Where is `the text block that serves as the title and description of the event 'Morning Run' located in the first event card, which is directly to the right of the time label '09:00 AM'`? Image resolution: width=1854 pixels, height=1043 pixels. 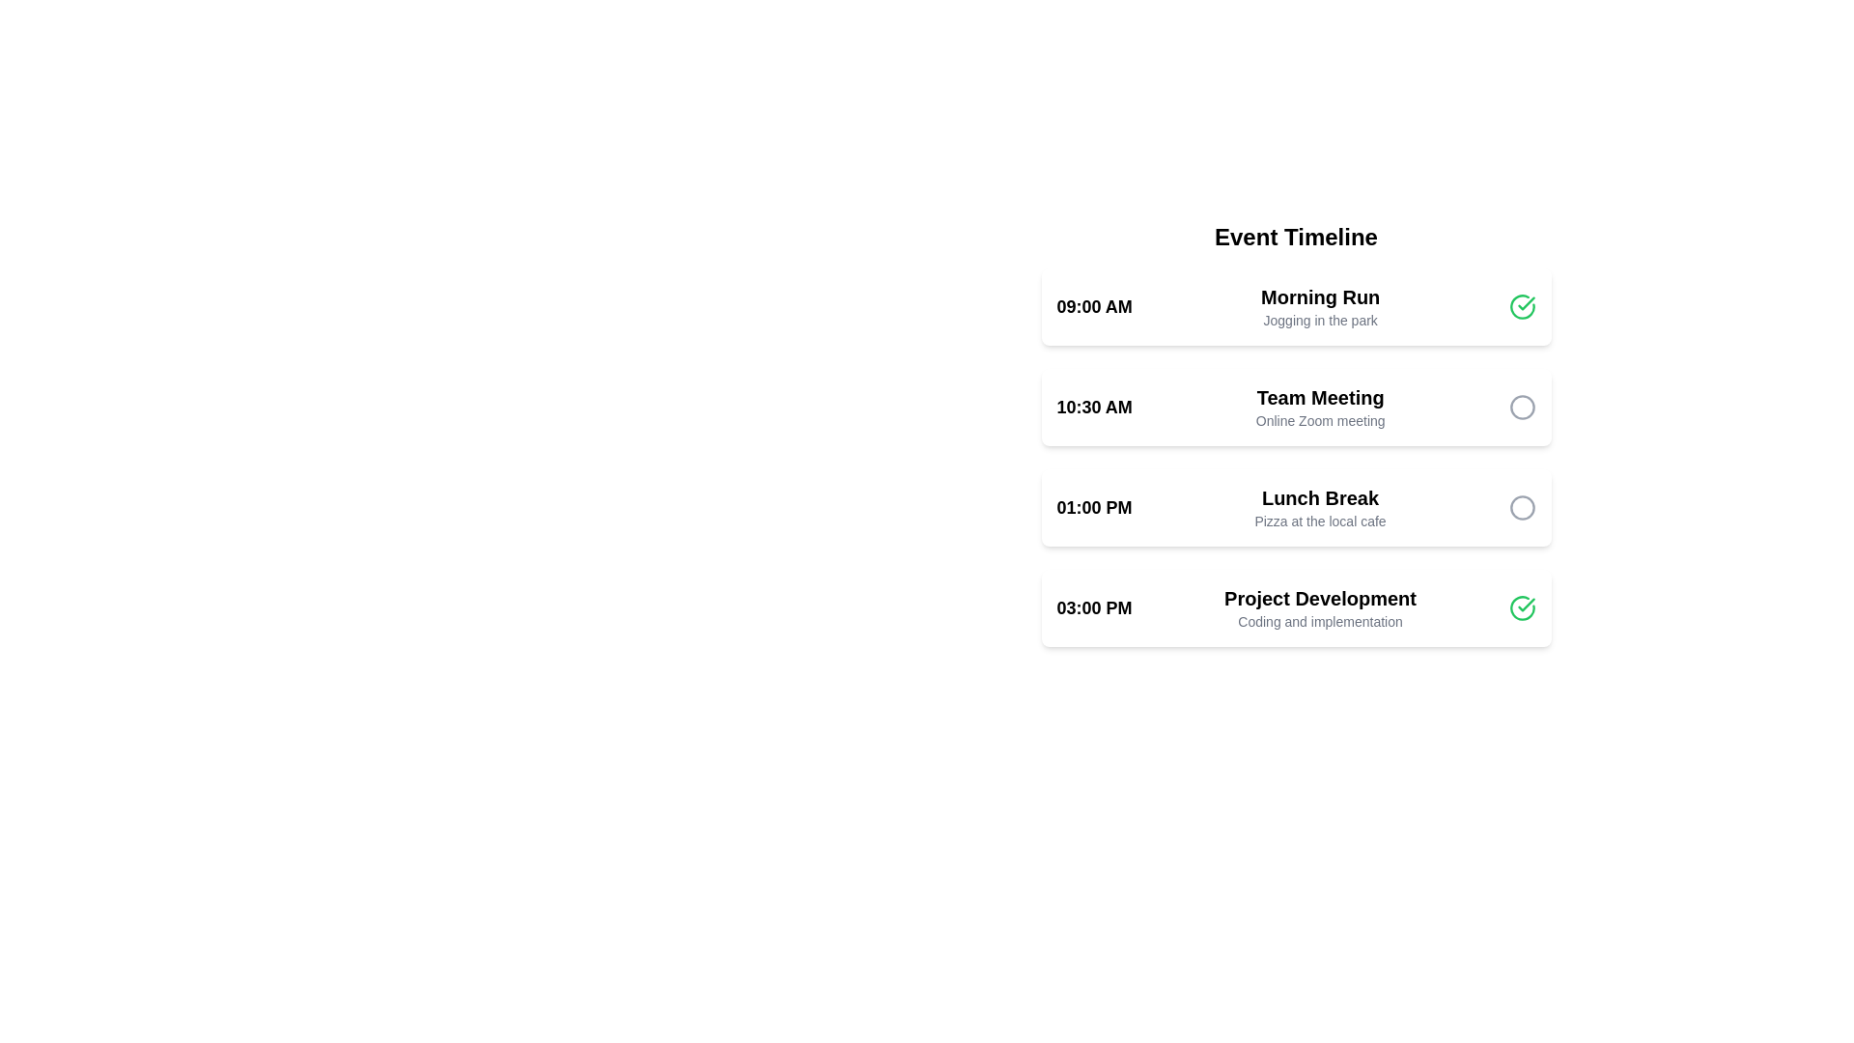 the text block that serves as the title and description of the event 'Morning Run' located in the first event card, which is directly to the right of the time label '09:00 AM' is located at coordinates (1319, 305).